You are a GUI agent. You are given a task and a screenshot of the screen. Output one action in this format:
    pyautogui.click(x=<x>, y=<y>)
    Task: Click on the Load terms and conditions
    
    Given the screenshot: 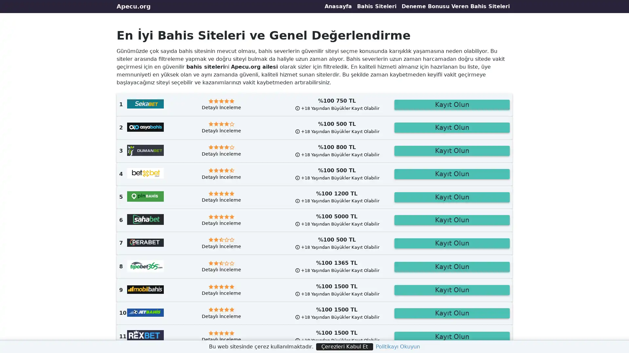 What is the action you would take?
    pyautogui.click(x=336, y=293)
    